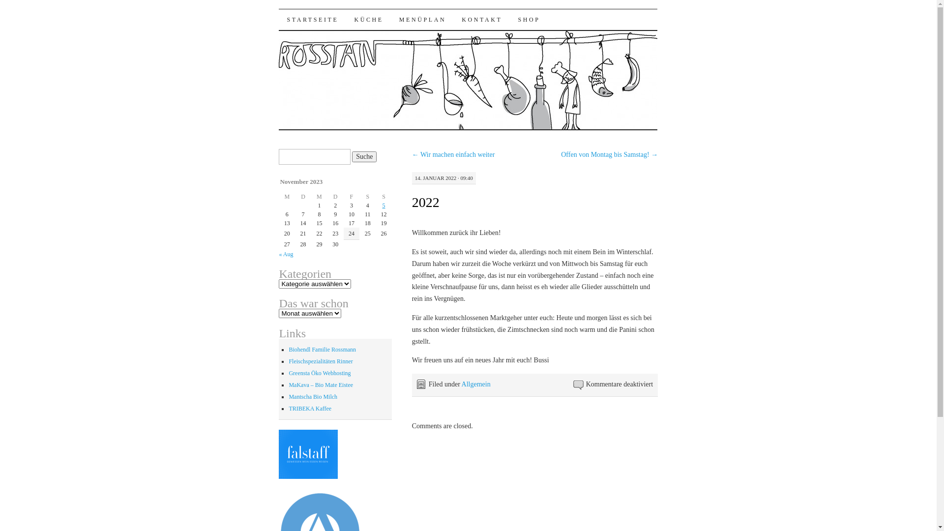  Describe the element at coordinates (311, 17) in the screenshot. I see `'Rossian'` at that location.